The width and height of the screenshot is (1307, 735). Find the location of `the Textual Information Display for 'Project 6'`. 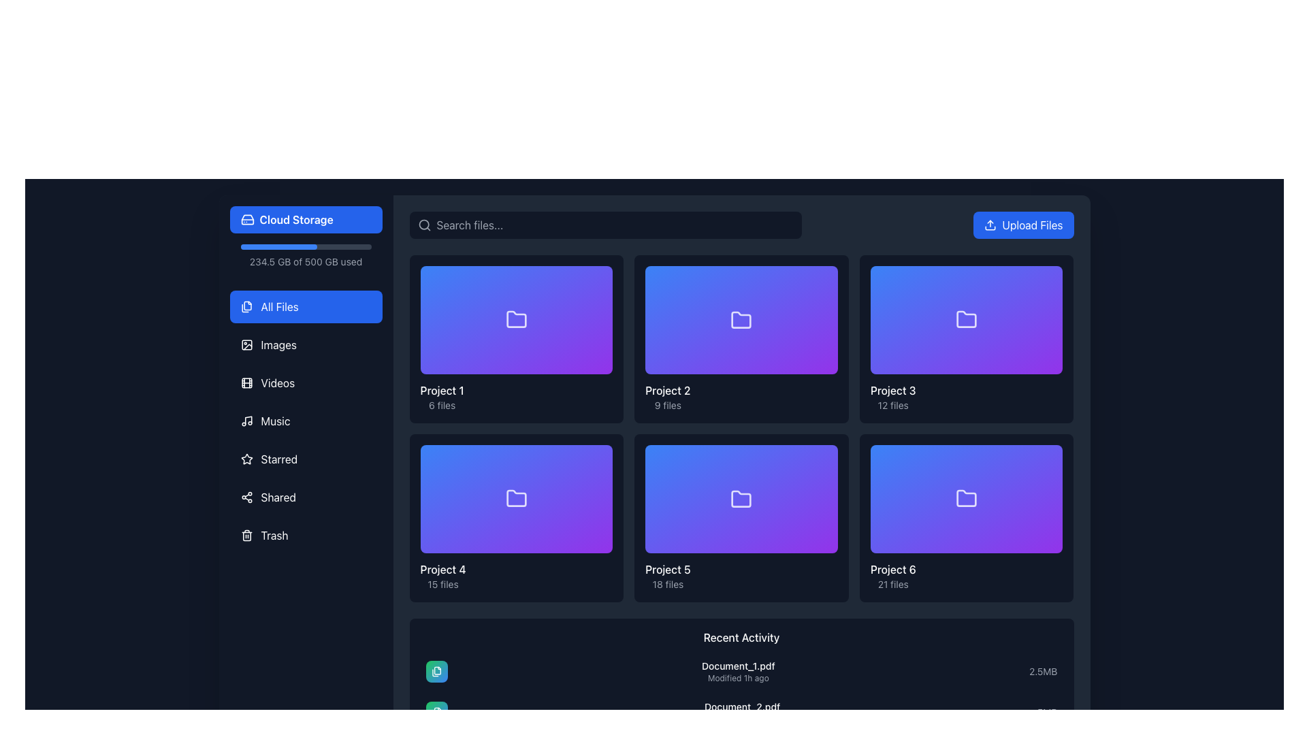

the Textual Information Display for 'Project 6' is located at coordinates (966, 575).